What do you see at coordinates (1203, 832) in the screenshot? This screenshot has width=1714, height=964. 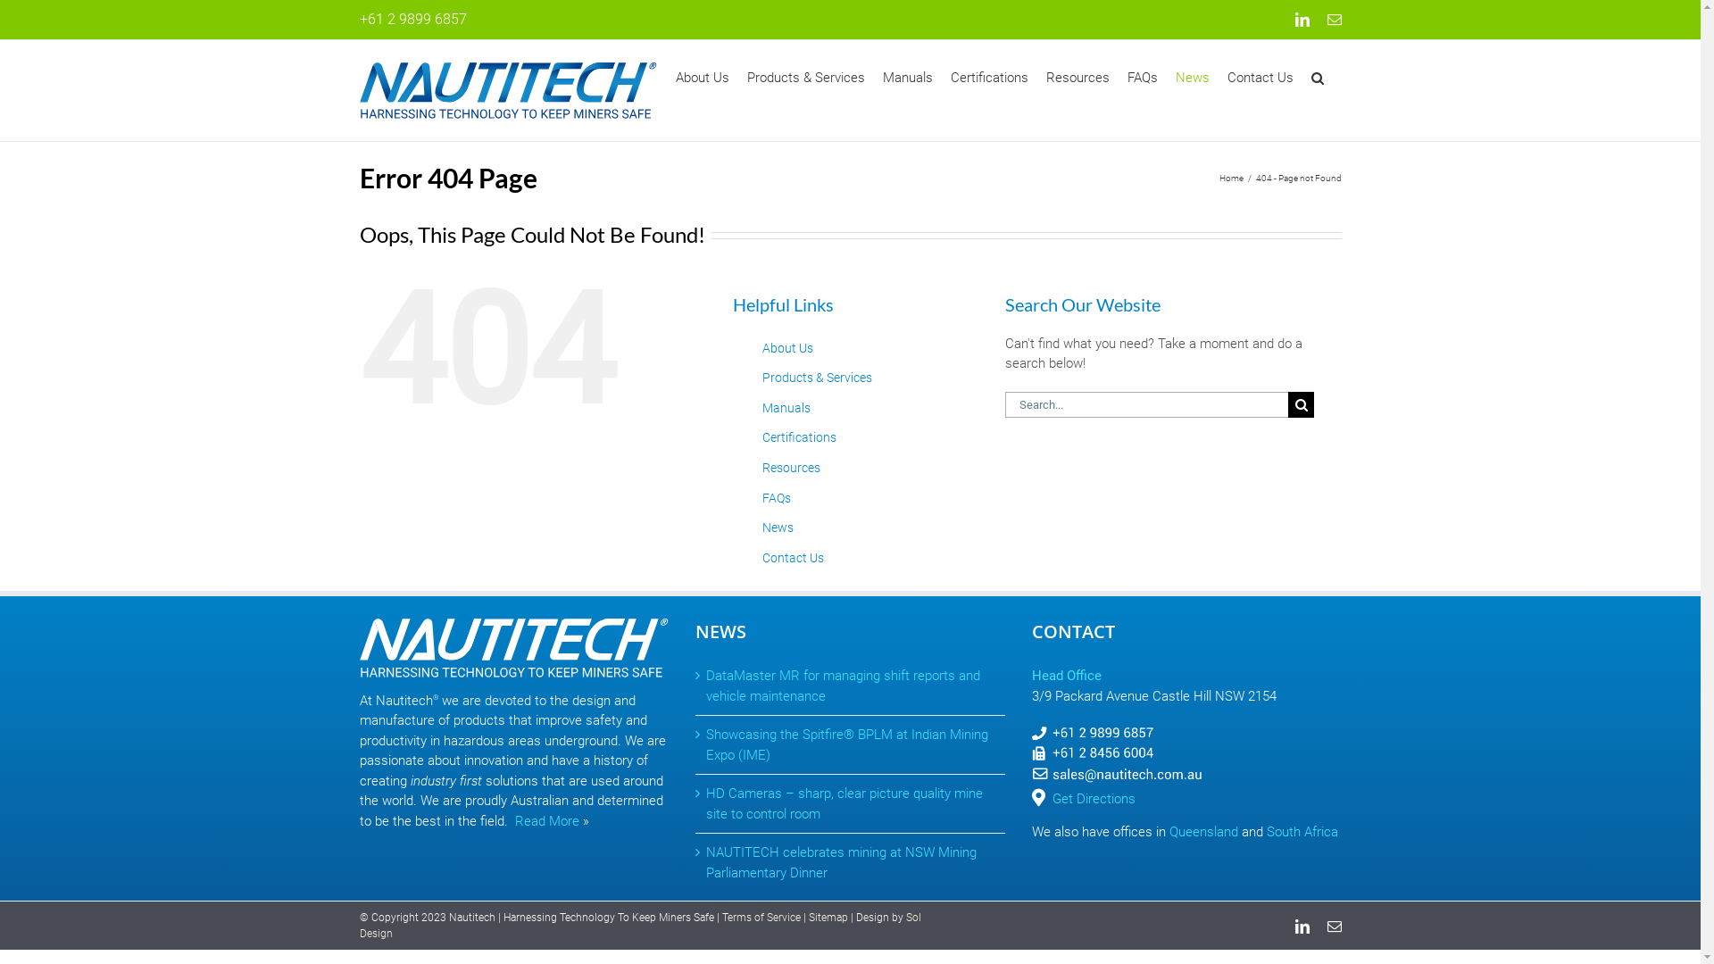 I see `'Queensland'` at bounding box center [1203, 832].